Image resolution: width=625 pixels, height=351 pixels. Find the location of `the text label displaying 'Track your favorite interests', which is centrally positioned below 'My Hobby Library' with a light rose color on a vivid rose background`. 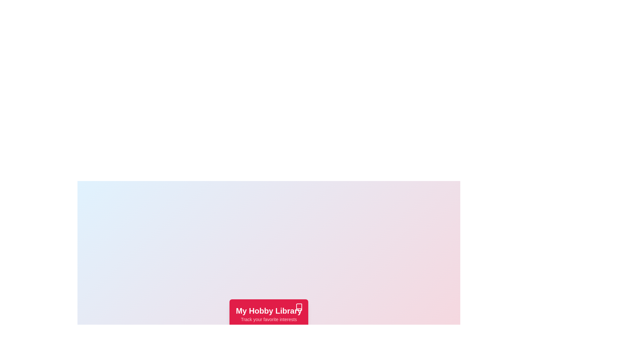

the text label displaying 'Track your favorite interests', which is centrally positioned below 'My Hobby Library' with a light rose color on a vivid rose background is located at coordinates (269, 319).